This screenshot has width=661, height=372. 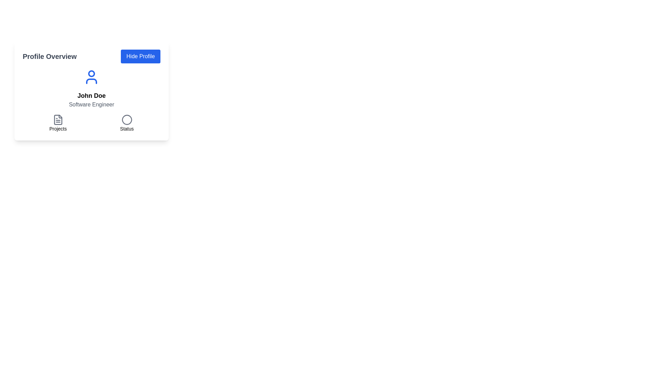 I want to click on the User Profile Icon located at the top section of the card, above the text 'John Doe' and 'Software Engineer', so click(x=91, y=77).